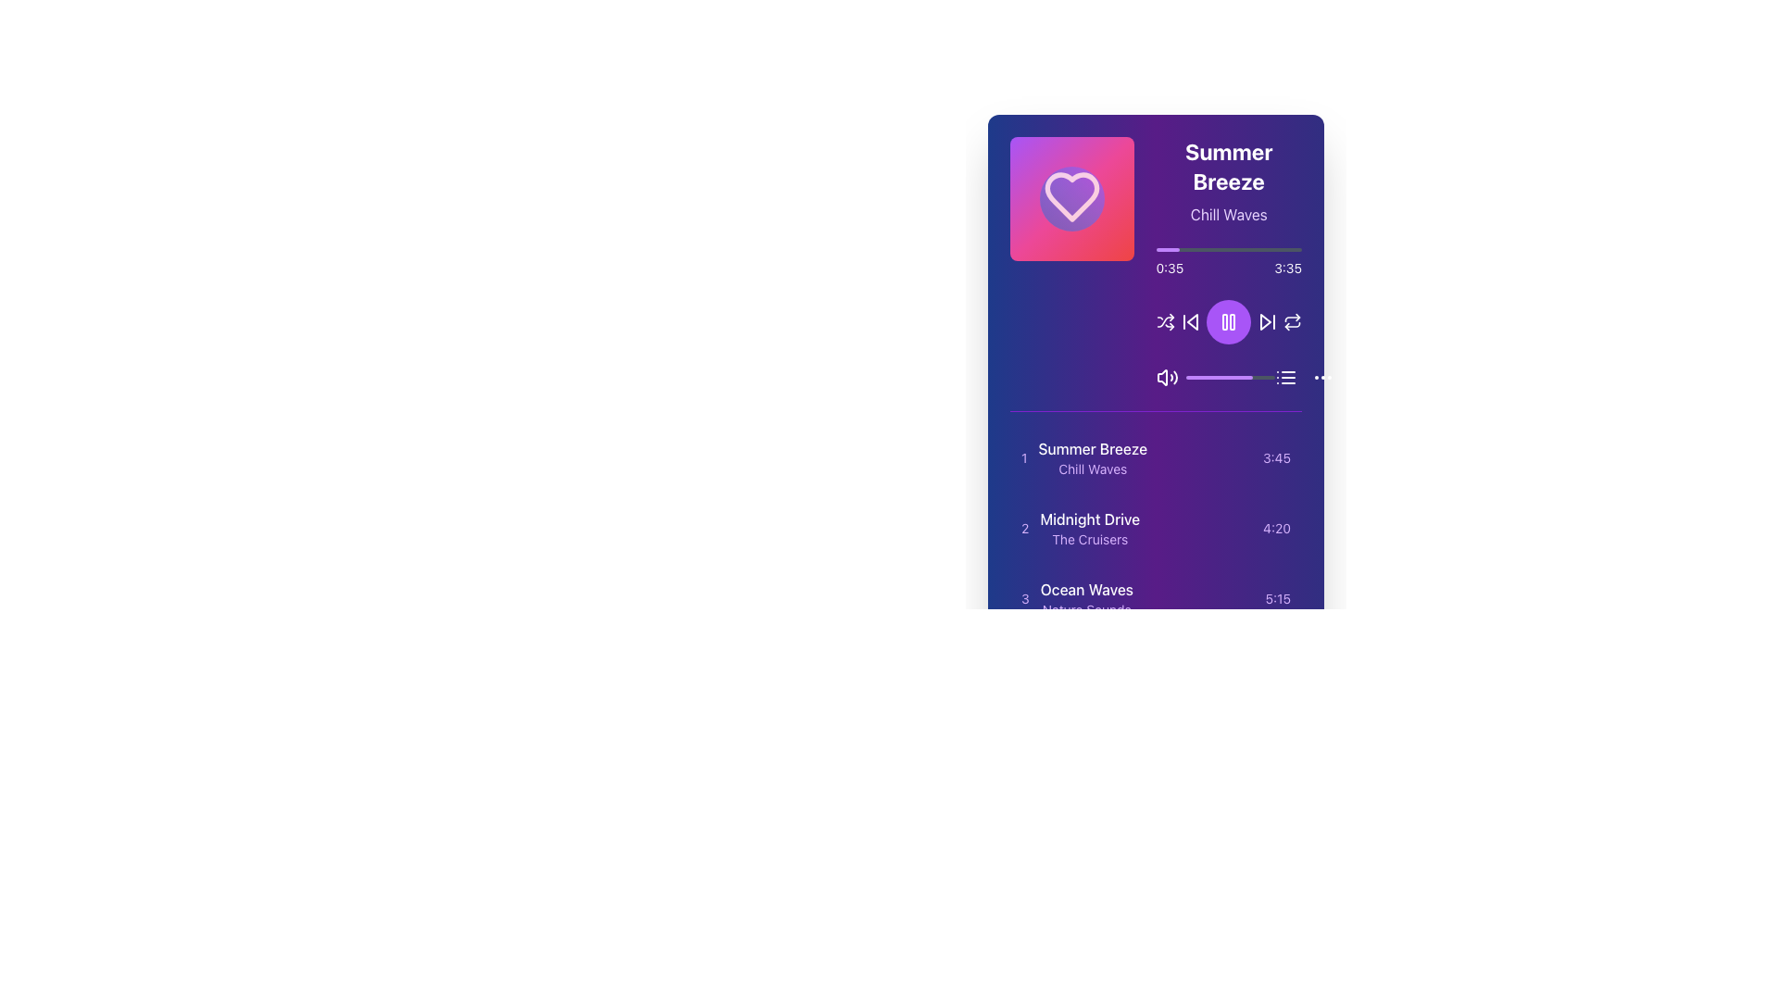 The image size is (1778, 1000). Describe the element at coordinates (1192, 320) in the screenshot. I see `the triangular arrow icon pointing to the left to skip media` at that location.